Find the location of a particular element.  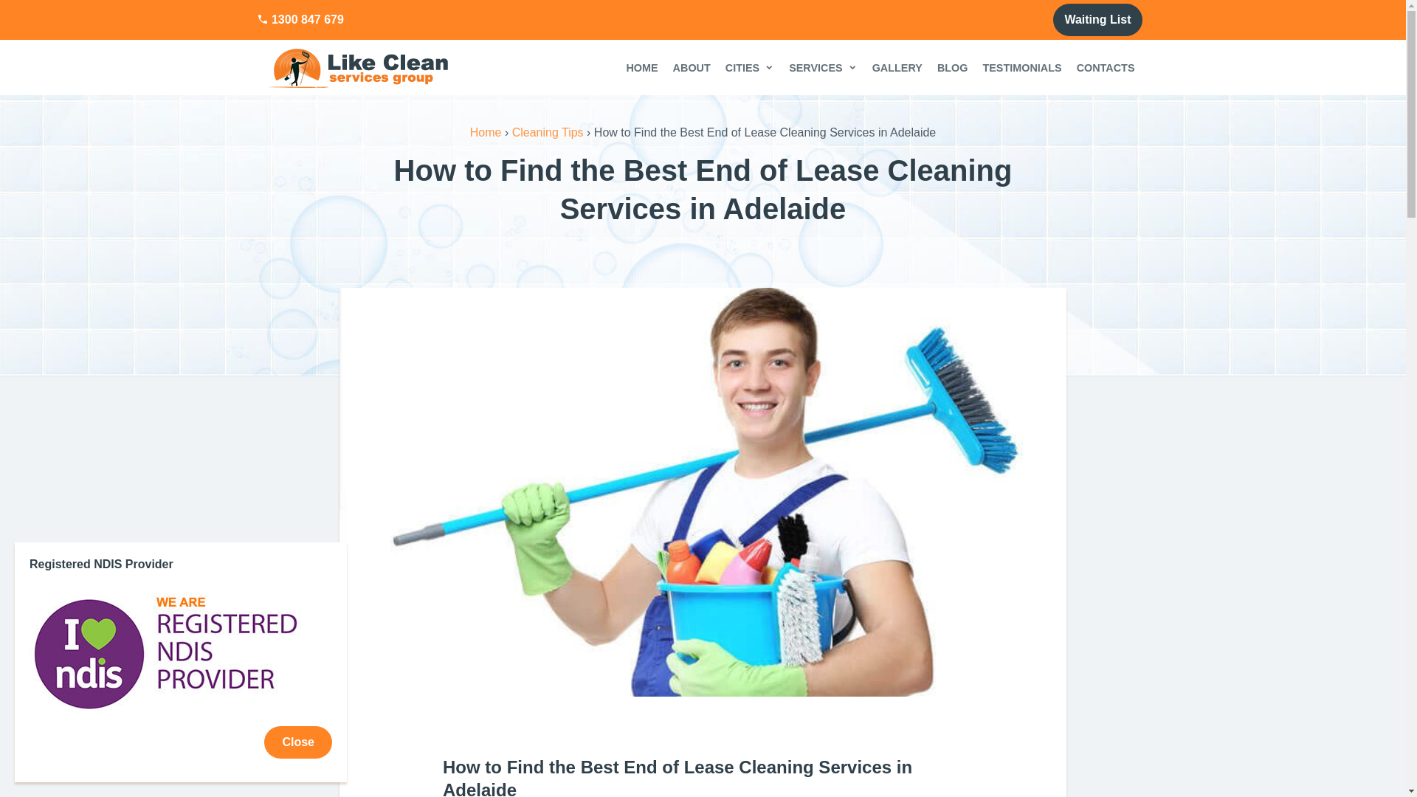

'SERVICES' is located at coordinates (822, 67).